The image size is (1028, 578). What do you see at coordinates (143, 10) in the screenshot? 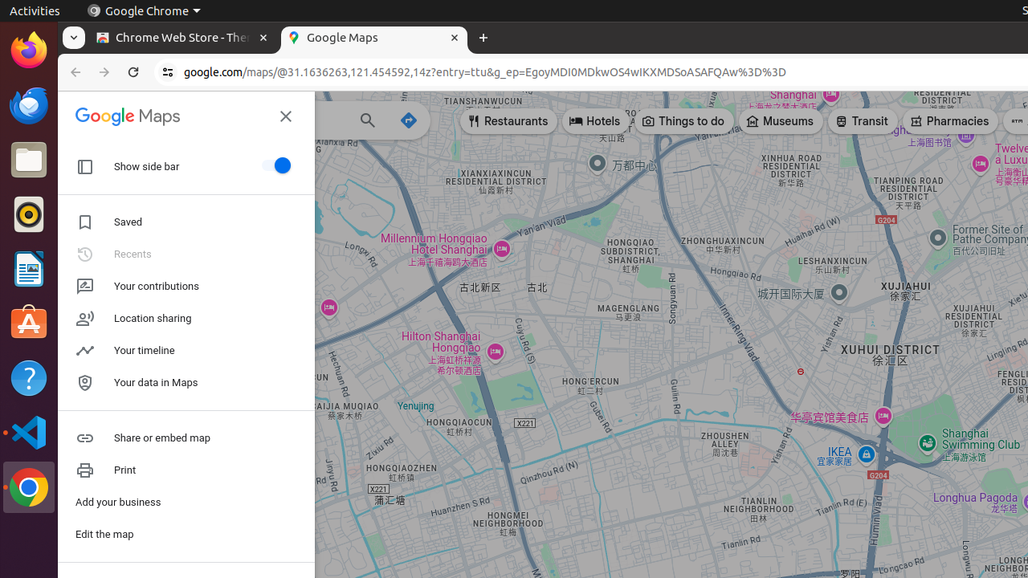
I see `'Google Chrome'` at bounding box center [143, 10].